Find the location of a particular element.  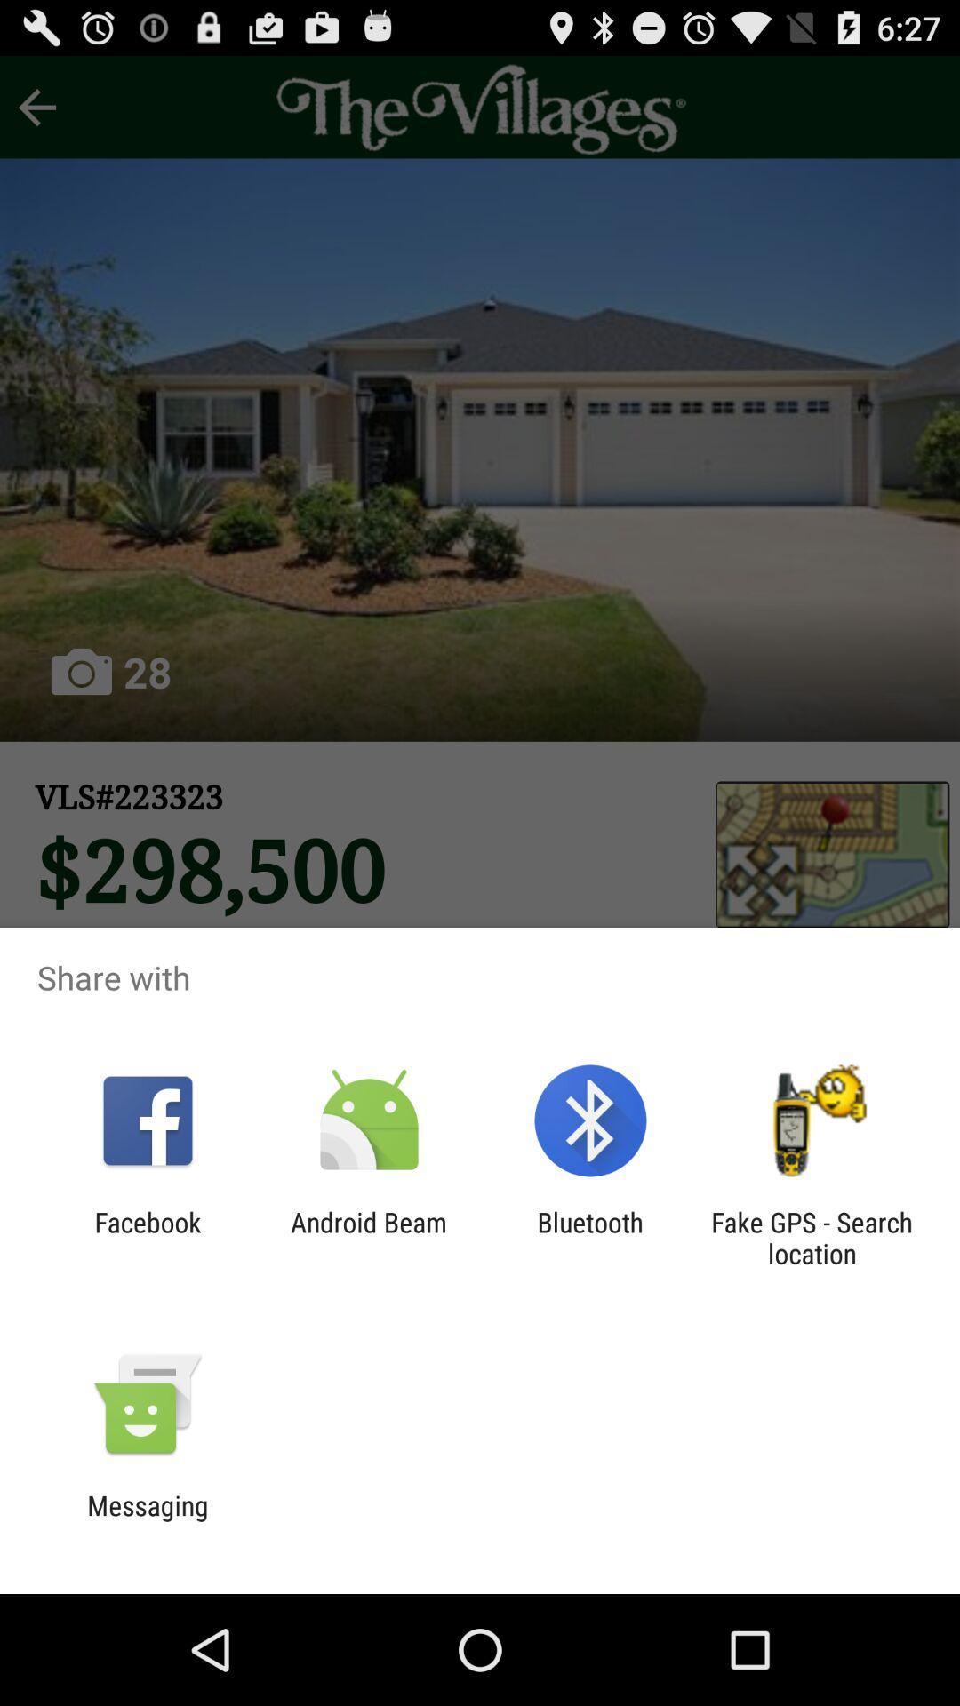

the icon next to bluetooth is located at coordinates (812, 1237).